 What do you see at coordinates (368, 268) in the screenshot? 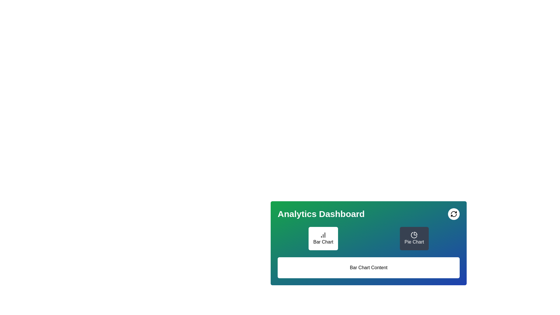
I see `text displayed in the rectangular area with a white background that shows 'Bar Chart Content' in the Analytics Dashboard` at bounding box center [368, 268].